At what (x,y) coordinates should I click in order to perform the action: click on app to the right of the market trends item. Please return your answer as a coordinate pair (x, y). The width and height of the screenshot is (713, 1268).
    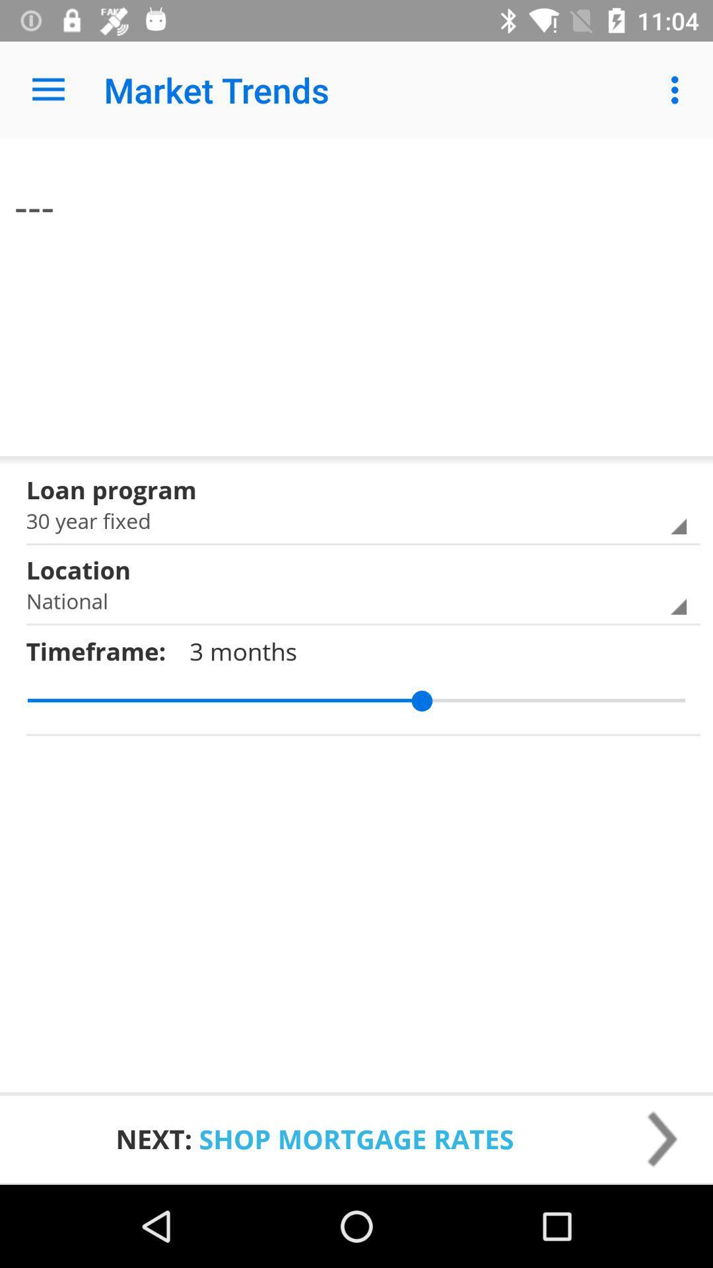
    Looking at the image, I should click on (678, 89).